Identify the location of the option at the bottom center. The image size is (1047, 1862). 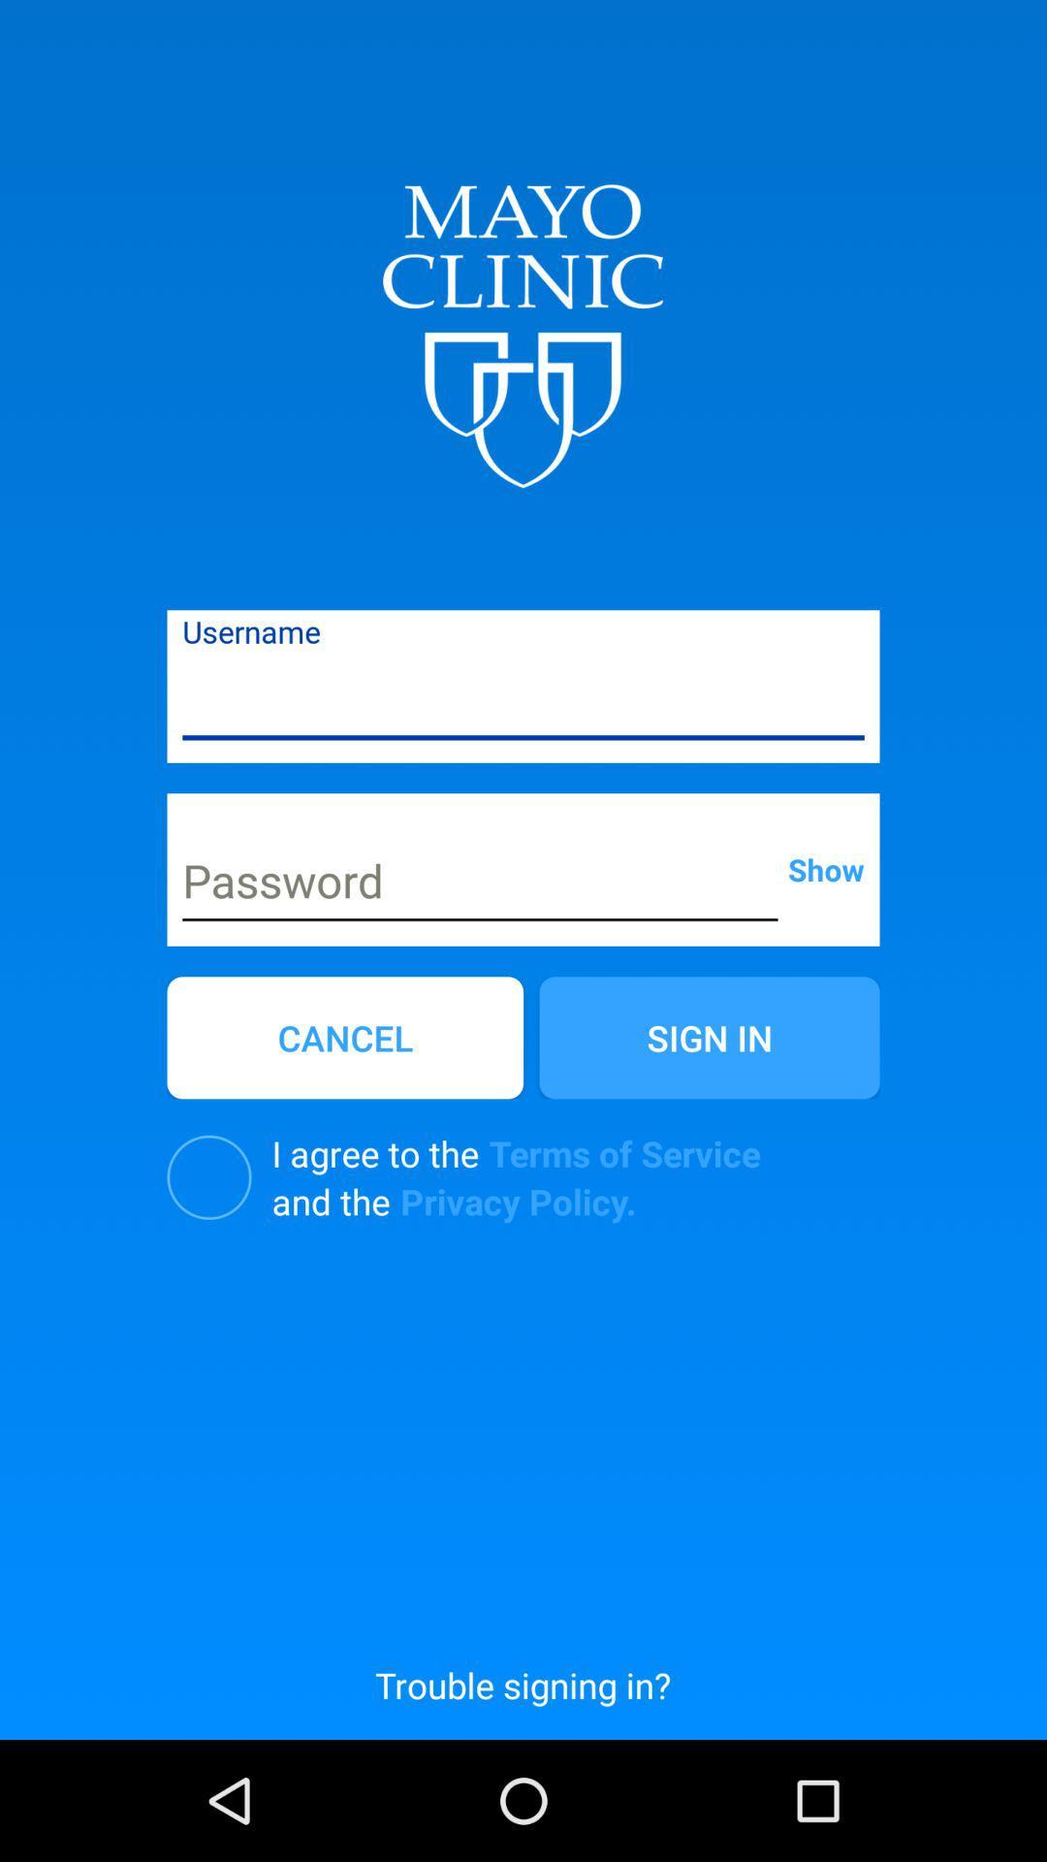
(522, 1684).